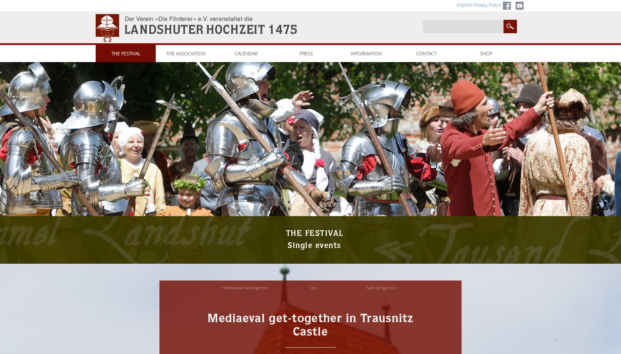  I want to click on 'CALENDAR', so click(234, 53).